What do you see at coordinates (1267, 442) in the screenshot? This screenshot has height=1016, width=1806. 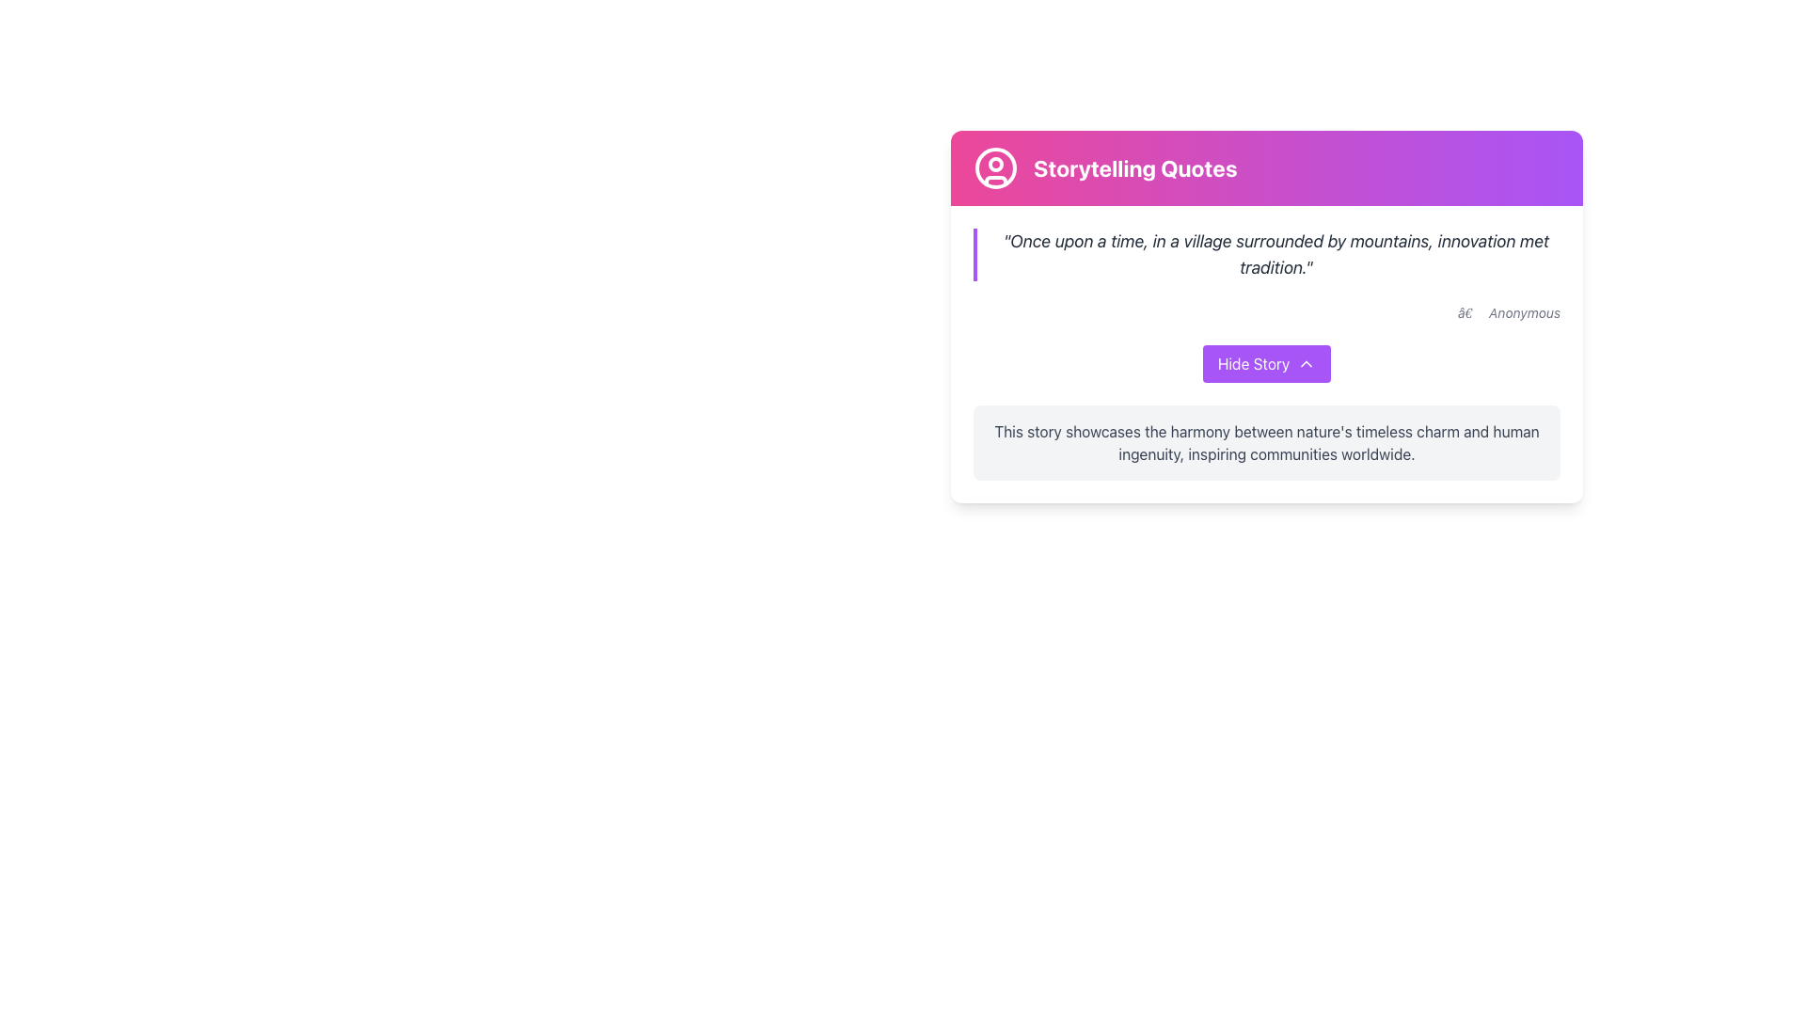 I see `the Text block located at the bottom of the vertically structured layout, which displays descriptive textual content about the story` at bounding box center [1267, 442].